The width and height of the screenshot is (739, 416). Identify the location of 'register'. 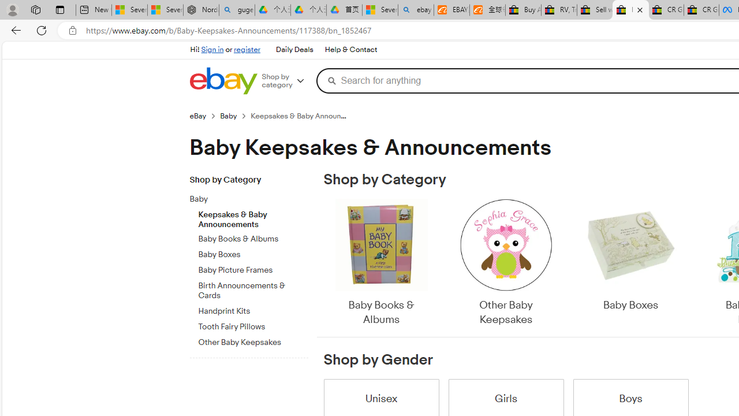
(247, 49).